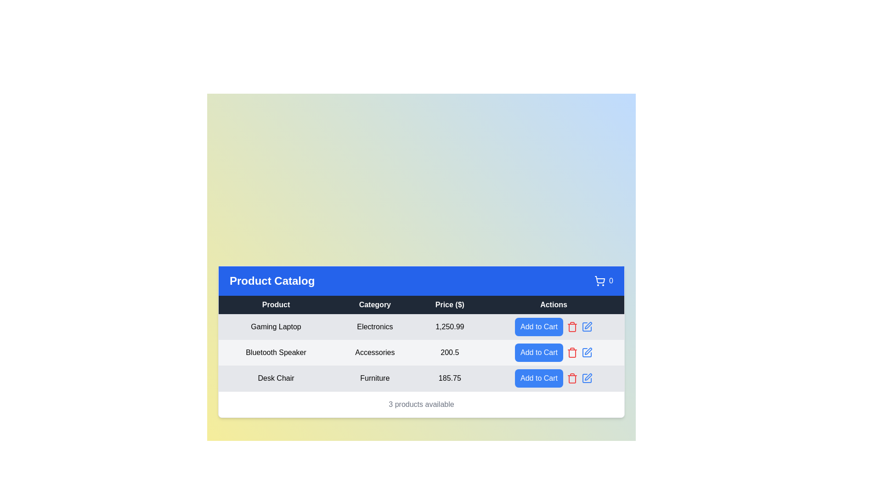 The width and height of the screenshot is (882, 496). I want to click on the edit icon resembling a folded paper located in the 'Actions' column of the product table for the 'Gaming Laptop', so click(586, 326).